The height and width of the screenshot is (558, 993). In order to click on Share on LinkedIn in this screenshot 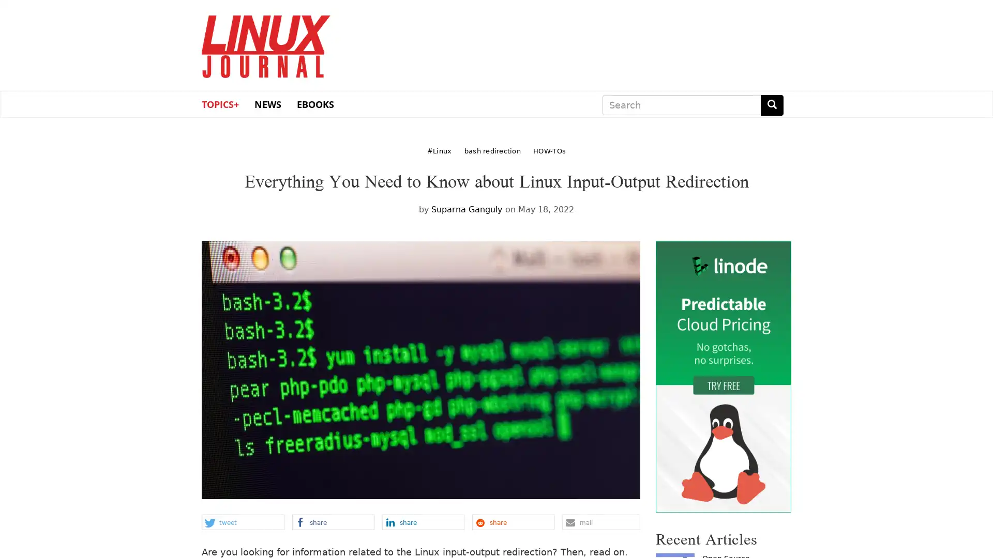, I will do `click(423, 522)`.